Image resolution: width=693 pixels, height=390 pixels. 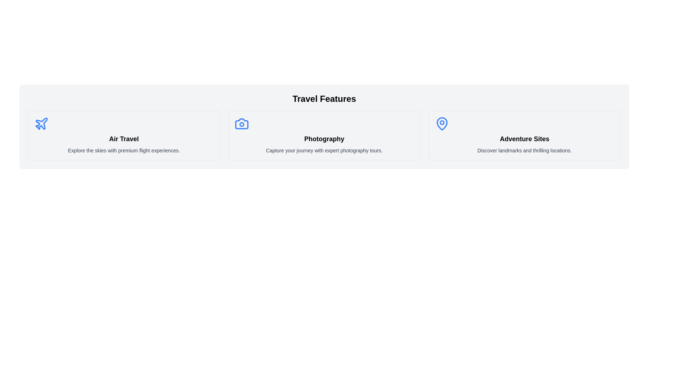 What do you see at coordinates (524, 150) in the screenshot?
I see `text content of the text label that says 'Discover landmarks and thrilling locations.' positioned beneath the title 'Adventure Sites' in the third card` at bounding box center [524, 150].